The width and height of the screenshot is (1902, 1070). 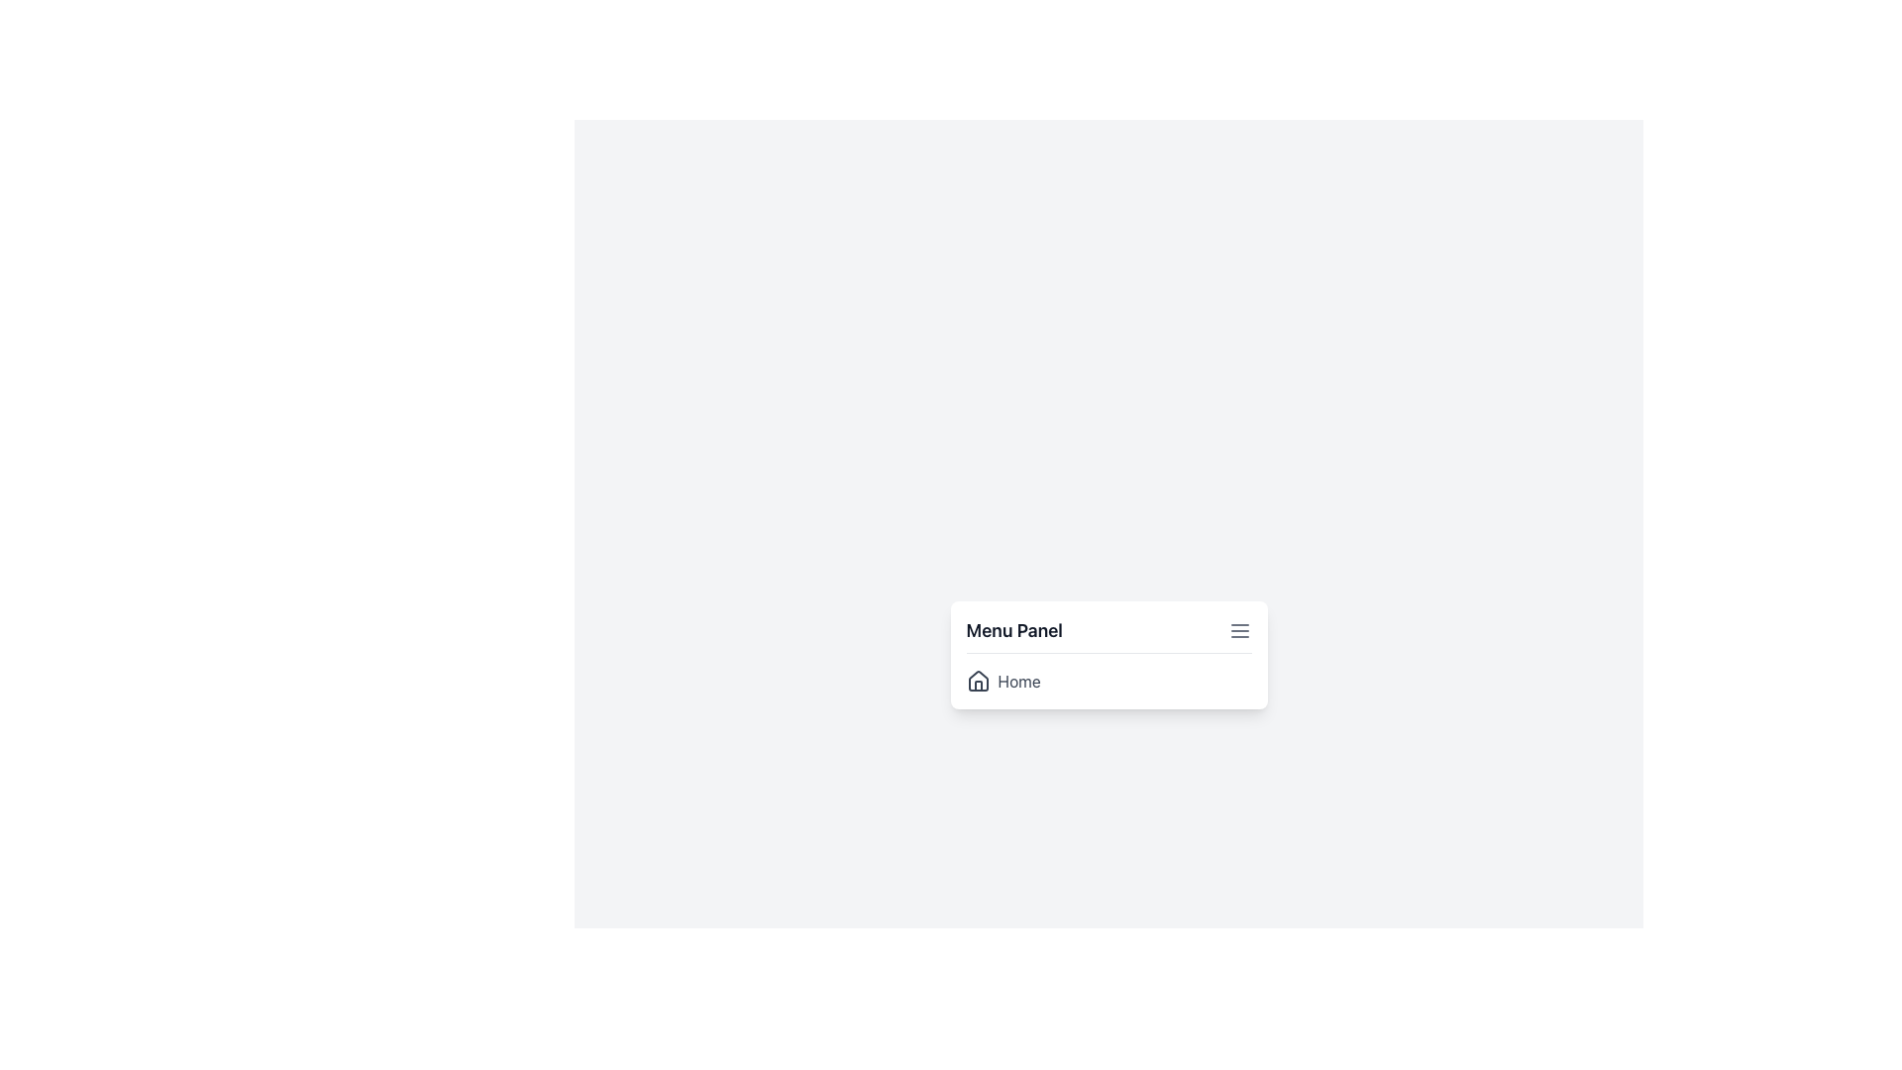 I want to click on 'Home' text label in the navigation menu, which is located near the bottom-right area of the interface, following the house icon in the 'Menu Panel', so click(x=1019, y=680).